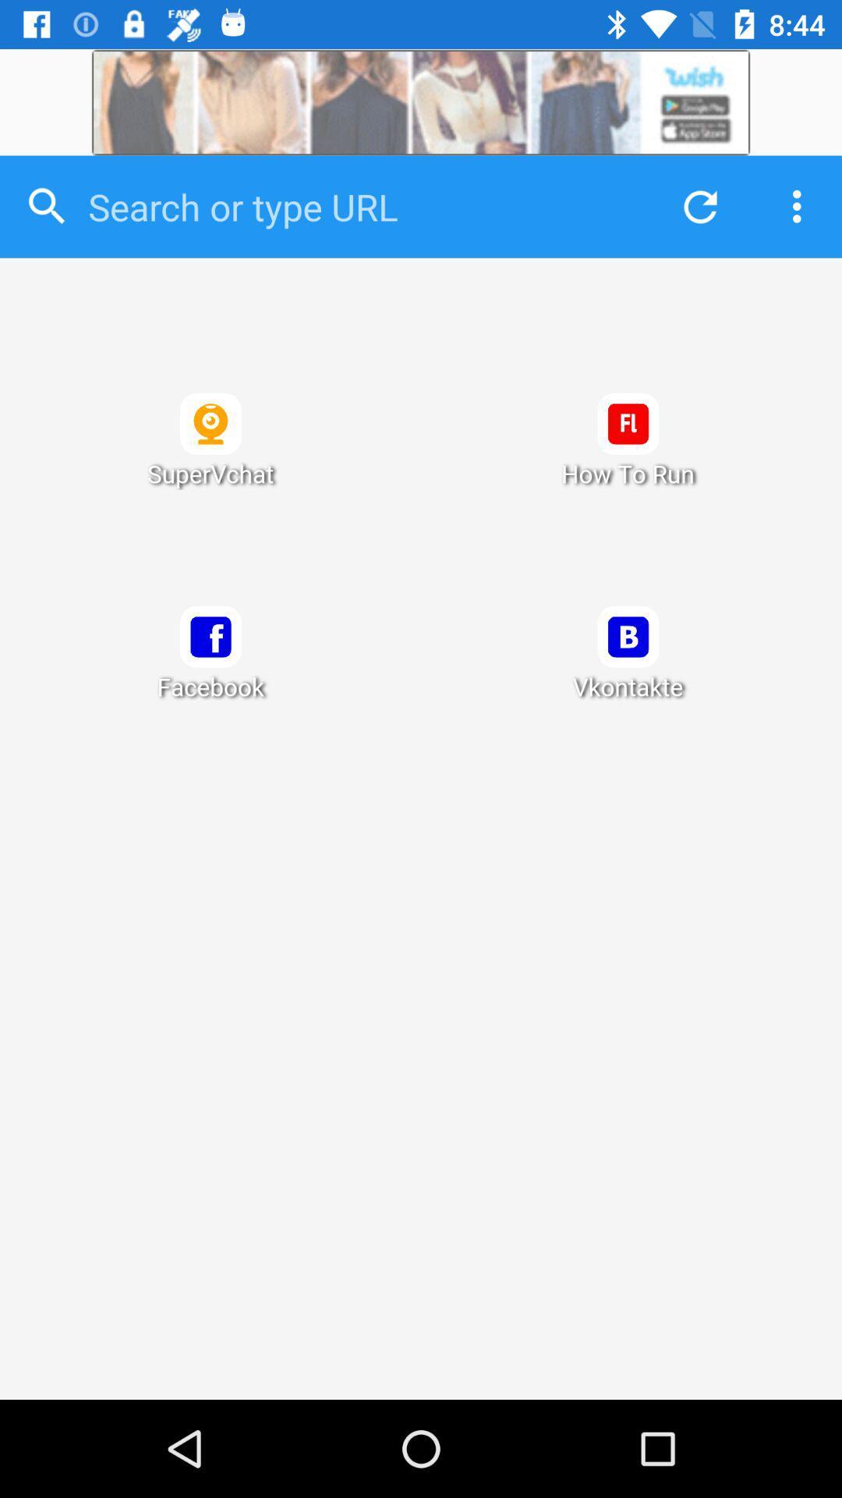 This screenshot has height=1498, width=842. What do you see at coordinates (421, 101) in the screenshot?
I see `advertisements banner` at bounding box center [421, 101].